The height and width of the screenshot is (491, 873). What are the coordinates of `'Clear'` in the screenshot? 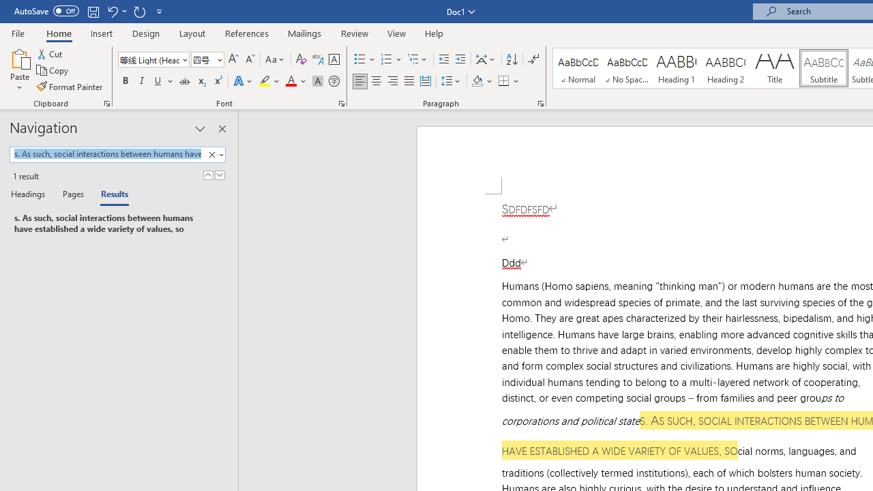 It's located at (211, 154).